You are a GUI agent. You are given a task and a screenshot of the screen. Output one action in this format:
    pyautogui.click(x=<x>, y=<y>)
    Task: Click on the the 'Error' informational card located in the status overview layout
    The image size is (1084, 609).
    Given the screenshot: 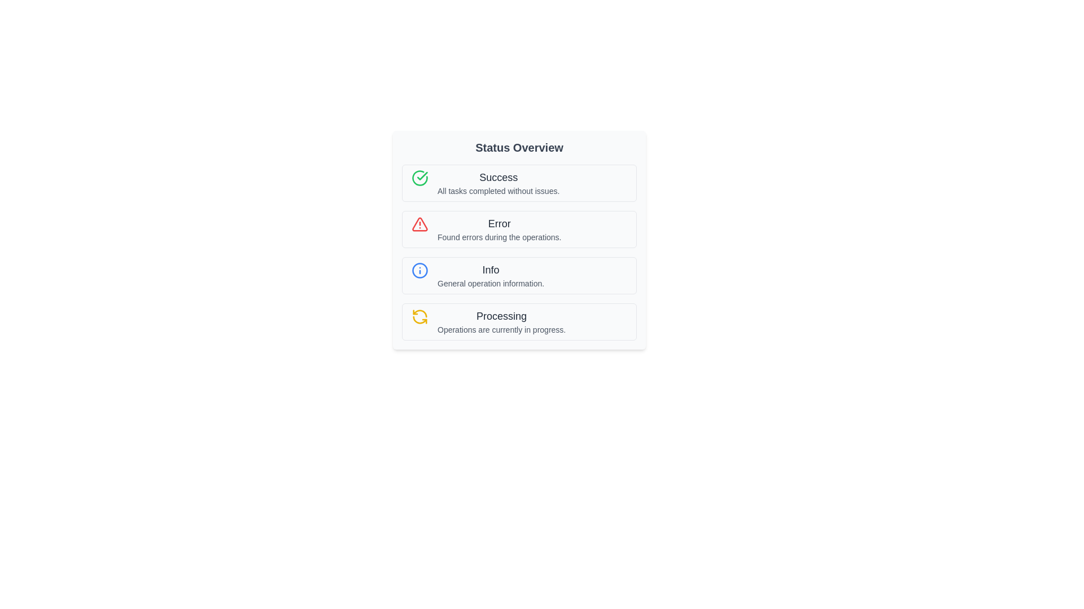 What is the action you would take?
    pyautogui.click(x=519, y=239)
    